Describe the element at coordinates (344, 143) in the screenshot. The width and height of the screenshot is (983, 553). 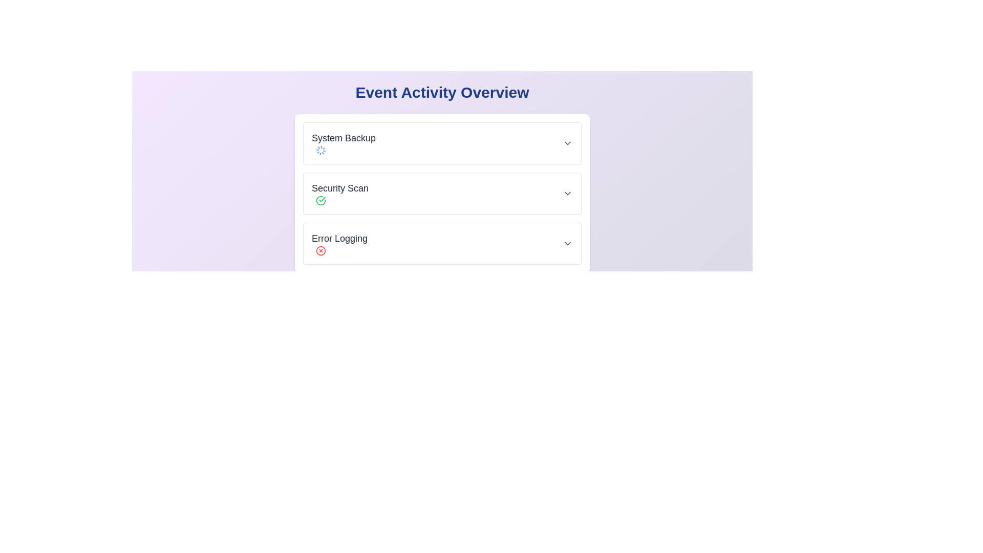
I see `text label element indicating 'System Backup' which is positioned at the top of the section stack, above 'Security Scan' and 'Error Logging'` at that location.